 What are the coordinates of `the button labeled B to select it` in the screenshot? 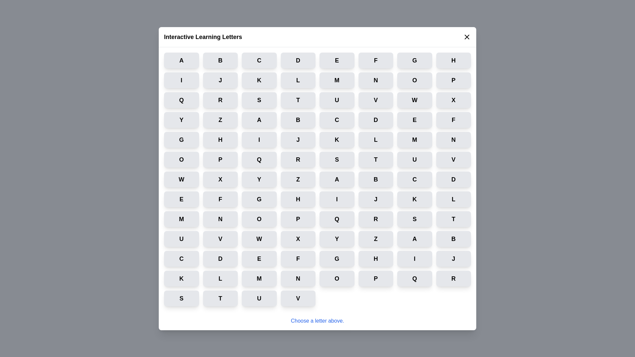 It's located at (220, 60).